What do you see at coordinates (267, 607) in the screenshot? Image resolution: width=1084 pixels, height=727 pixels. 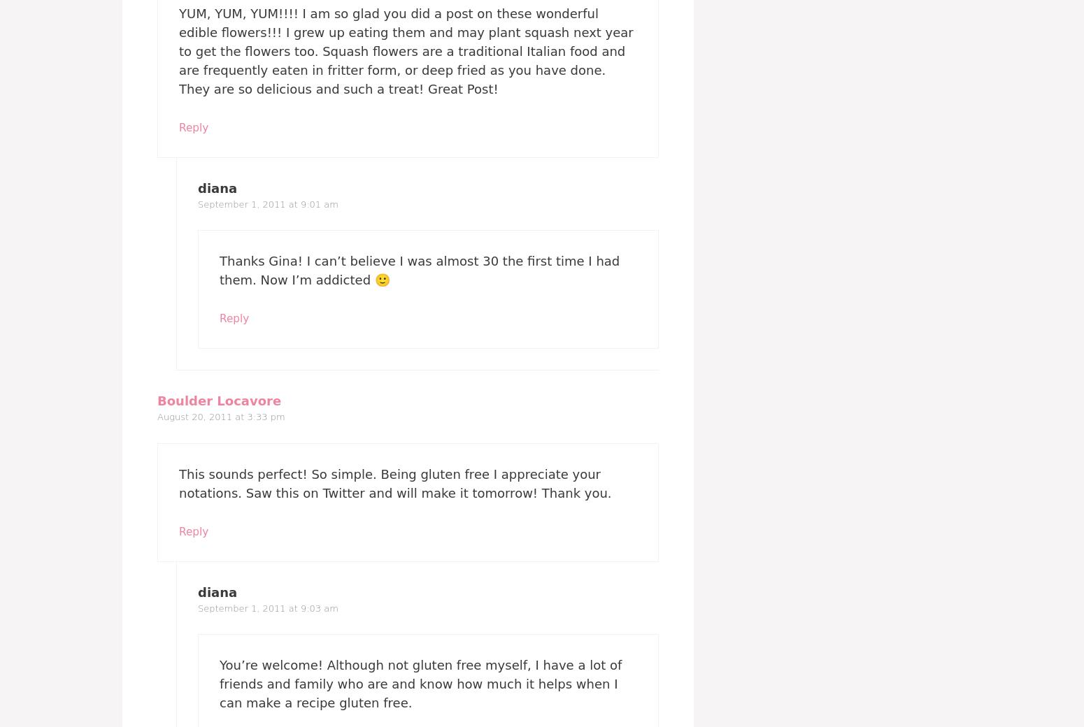 I see `'September 1, 2011 at 9:03 am'` at bounding box center [267, 607].